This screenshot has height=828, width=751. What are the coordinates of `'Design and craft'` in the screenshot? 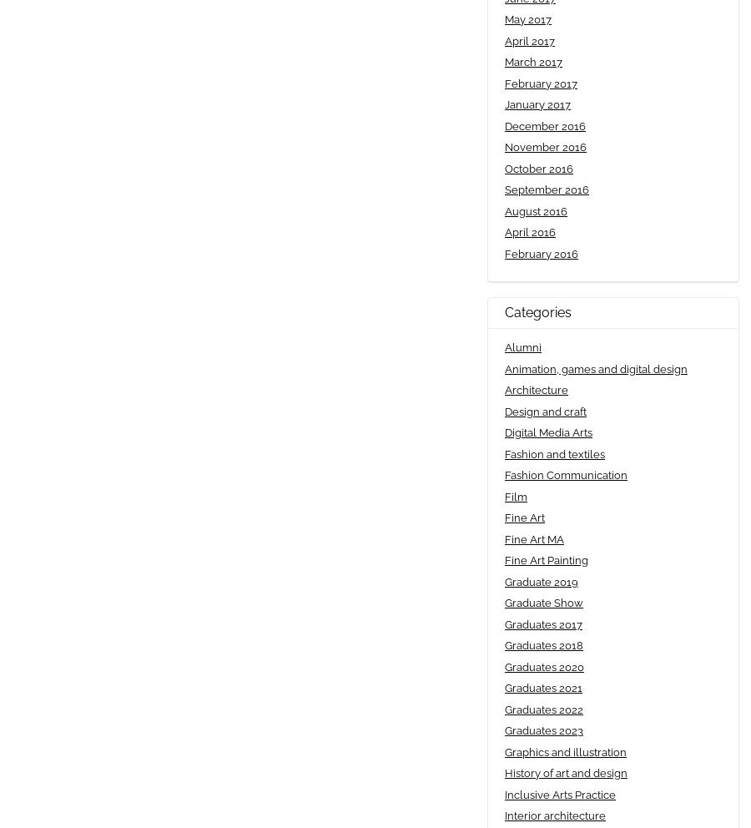 It's located at (546, 411).